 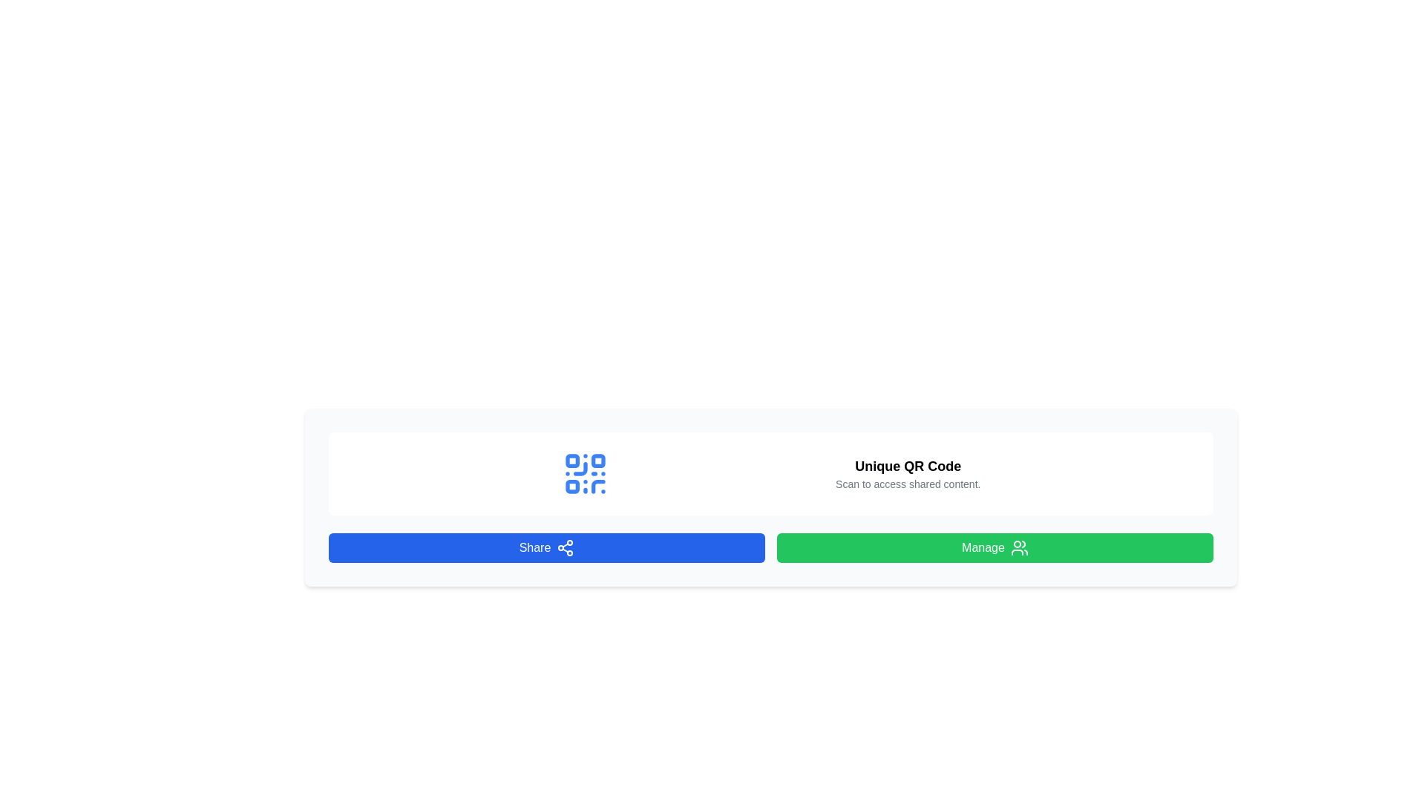 I want to click on the 'Manage' button that contains the group of people icon at the right end of the button, so click(x=1018, y=548).